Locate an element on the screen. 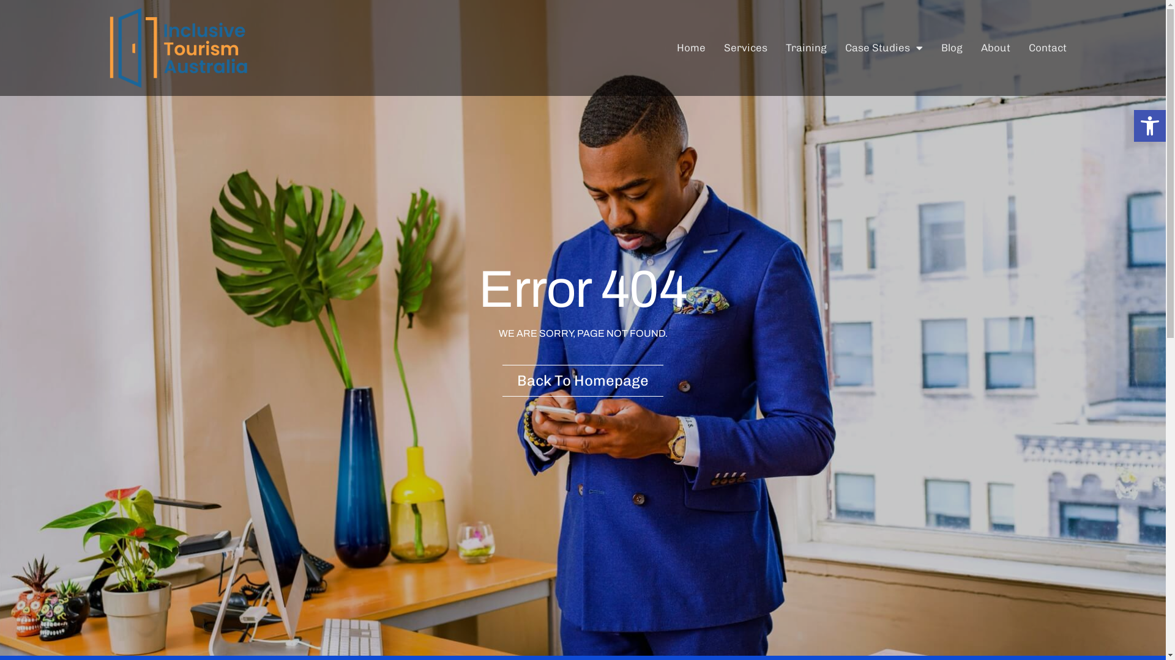 Image resolution: width=1175 pixels, height=660 pixels. 'Back To Homepage' is located at coordinates (582, 380).